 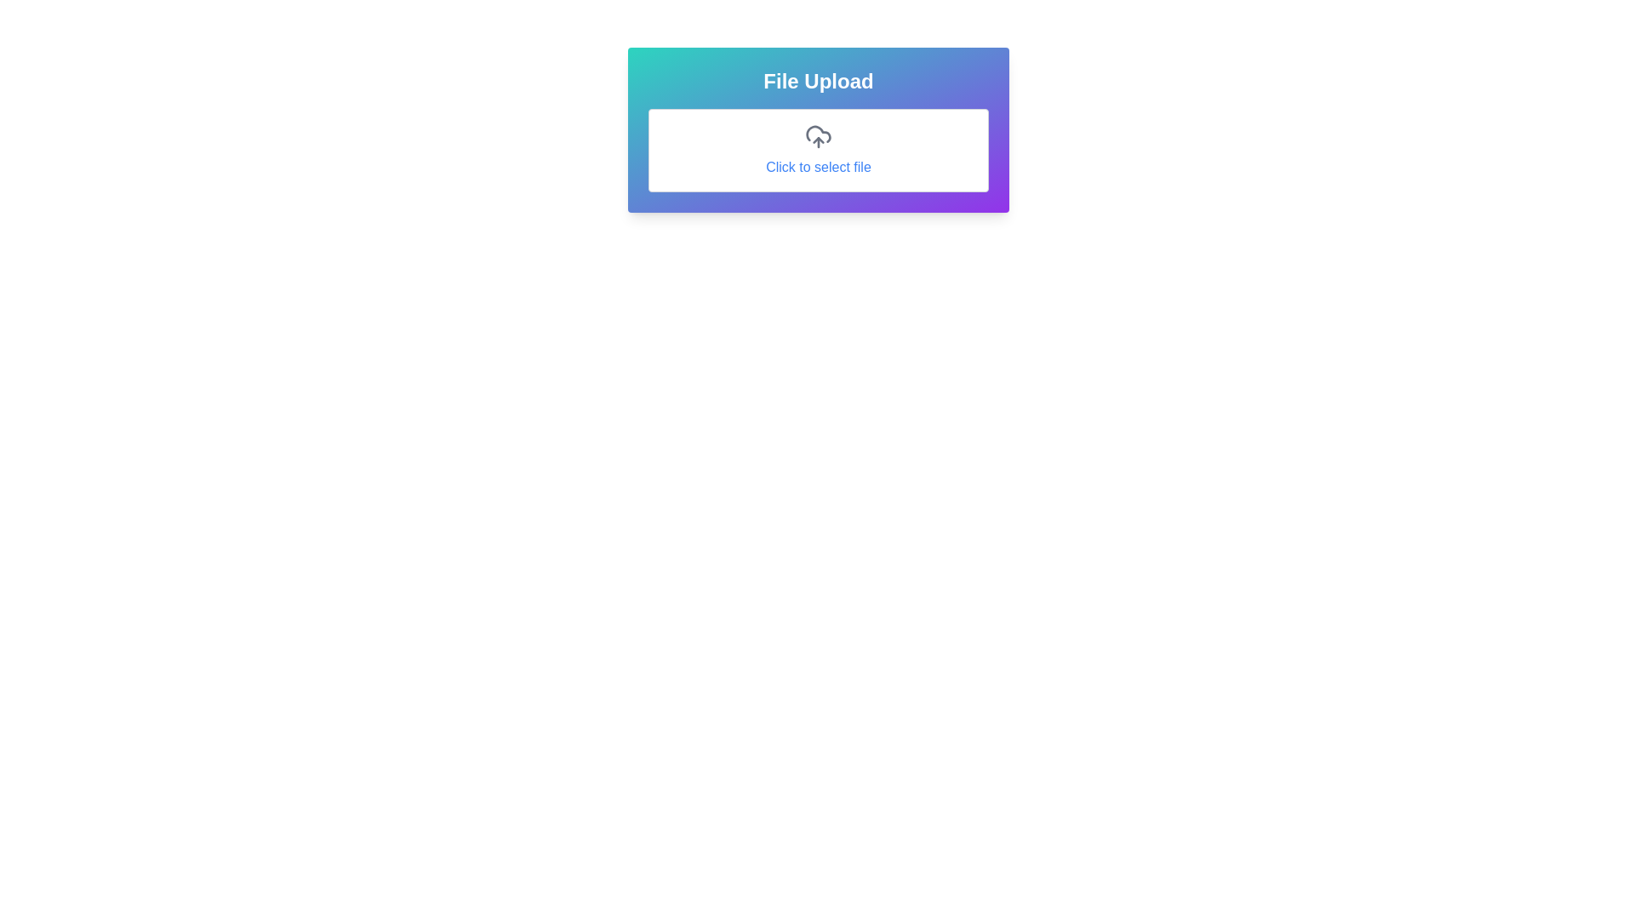 I want to click on the File upload area, which is a rectangular white box with rounded corners containing a gray upload icon and a blue hyperlink labeled 'Click, so click(x=818, y=150).